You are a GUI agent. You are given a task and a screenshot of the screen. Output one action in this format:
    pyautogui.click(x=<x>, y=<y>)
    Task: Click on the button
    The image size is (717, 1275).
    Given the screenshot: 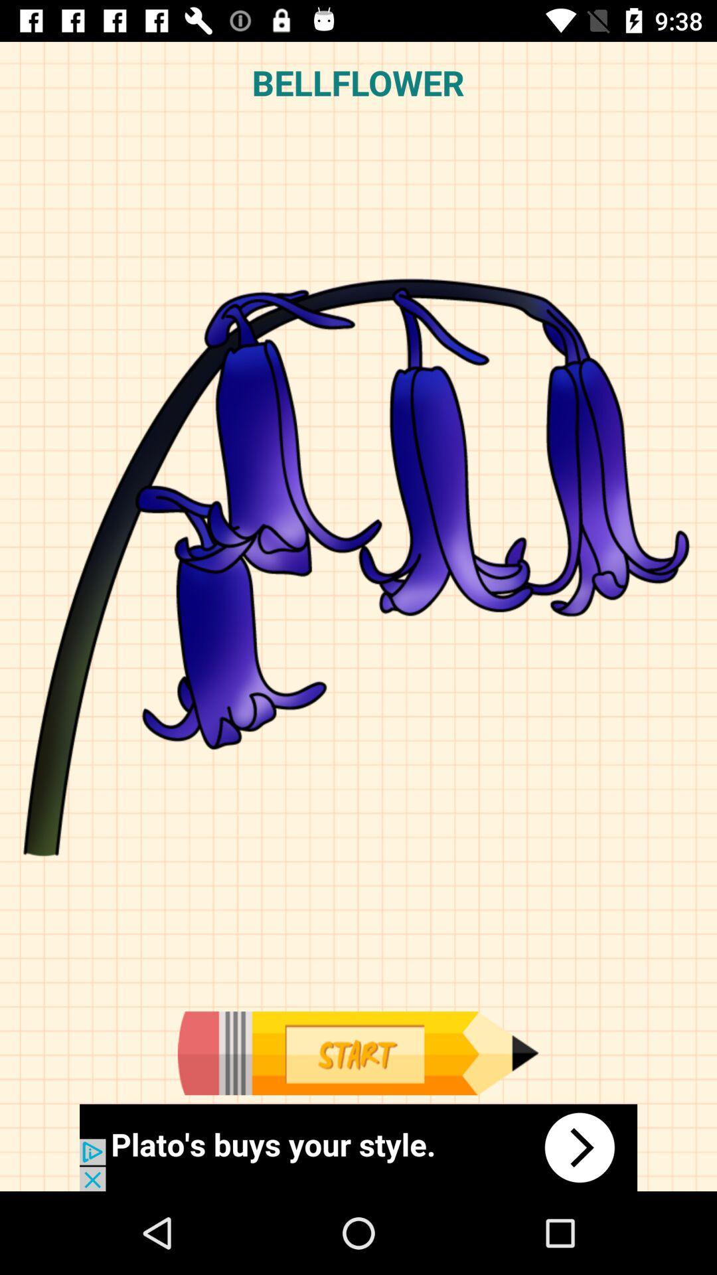 What is the action you would take?
    pyautogui.click(x=357, y=1053)
    